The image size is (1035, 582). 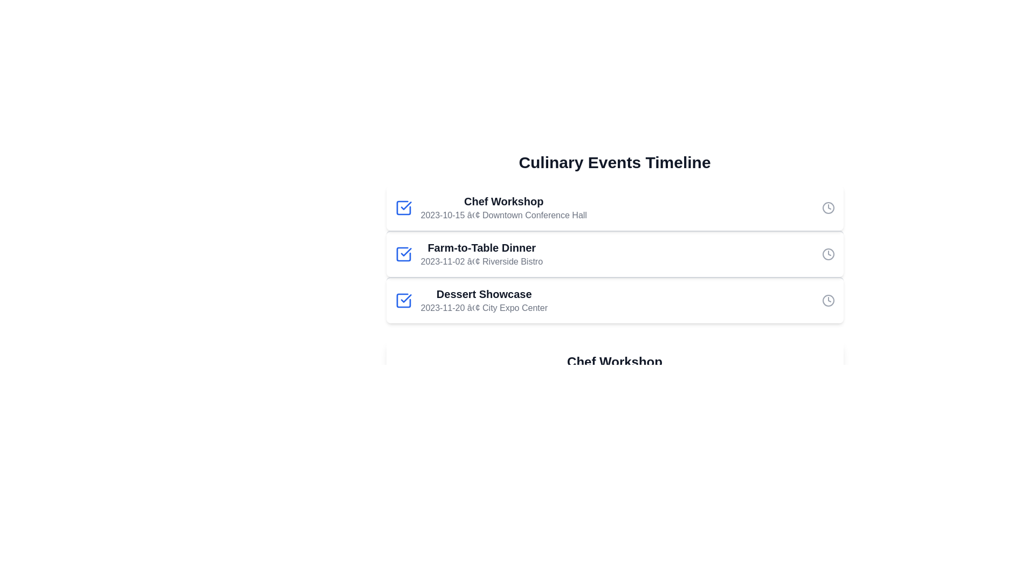 I want to click on properties of the circular SVG element representing the clock face located in the top-right corner of the first row, identified by its center coordinates, so click(x=827, y=207).